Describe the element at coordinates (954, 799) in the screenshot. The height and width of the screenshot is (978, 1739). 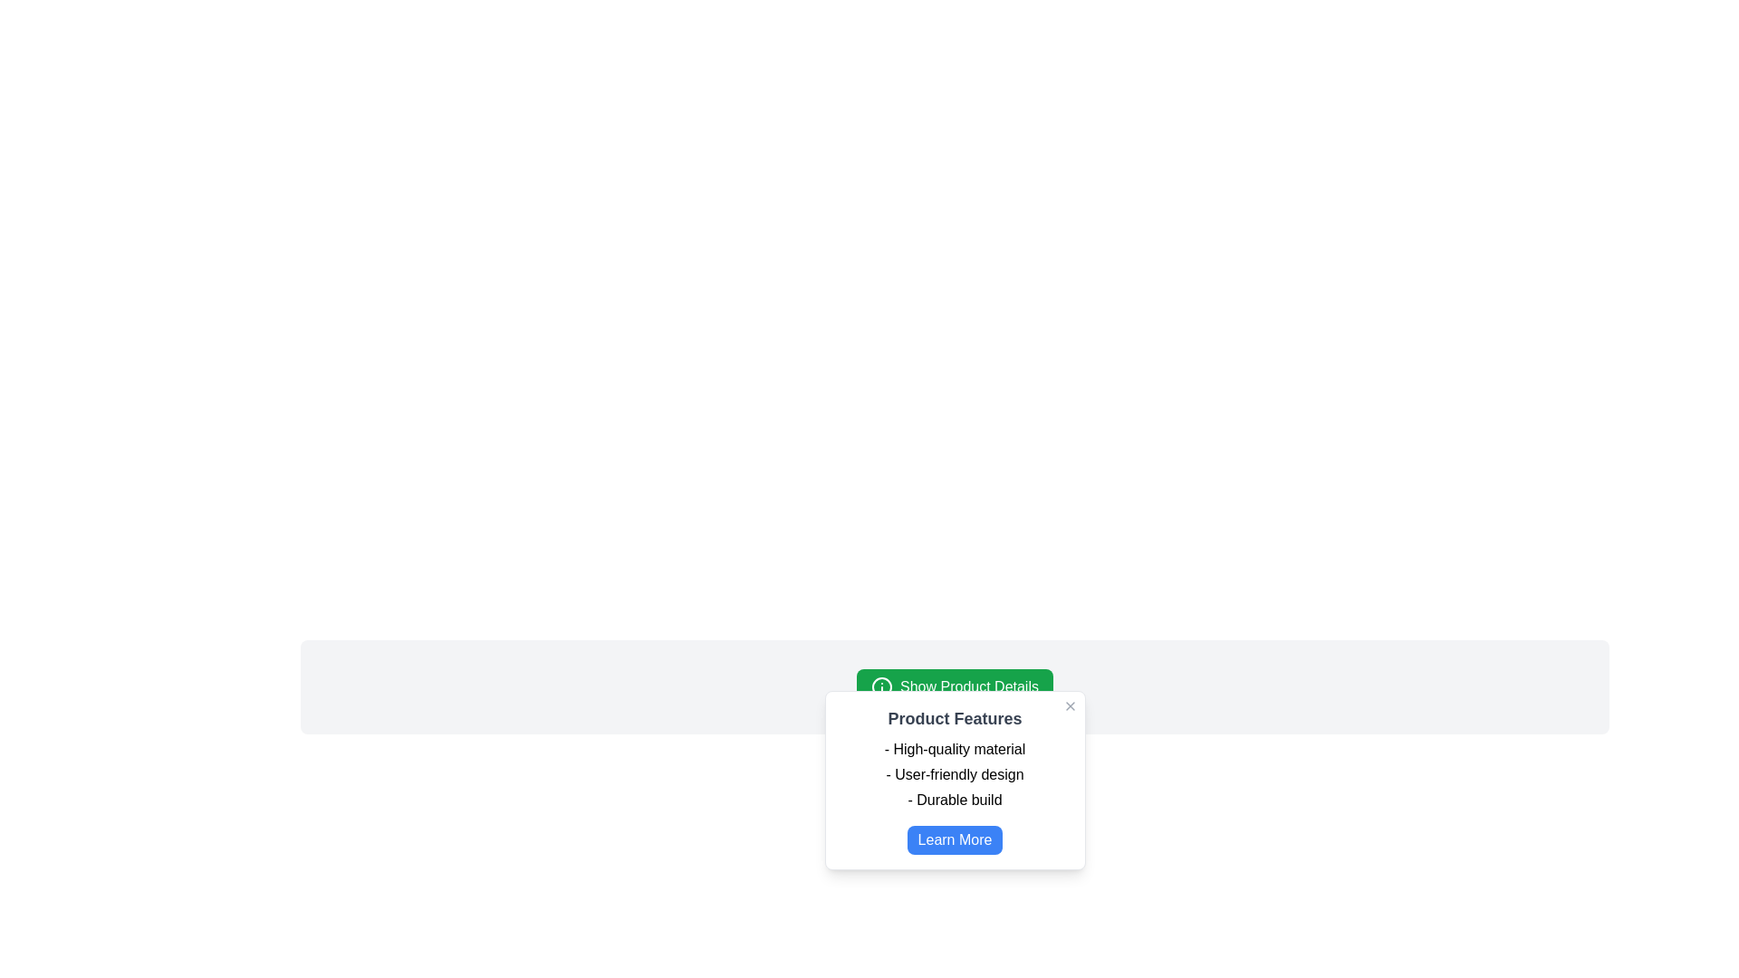
I see `the text item displaying the phrase '- Durable build' located in the modal dialog titled 'Product Features', which is the last item in the list` at that location.